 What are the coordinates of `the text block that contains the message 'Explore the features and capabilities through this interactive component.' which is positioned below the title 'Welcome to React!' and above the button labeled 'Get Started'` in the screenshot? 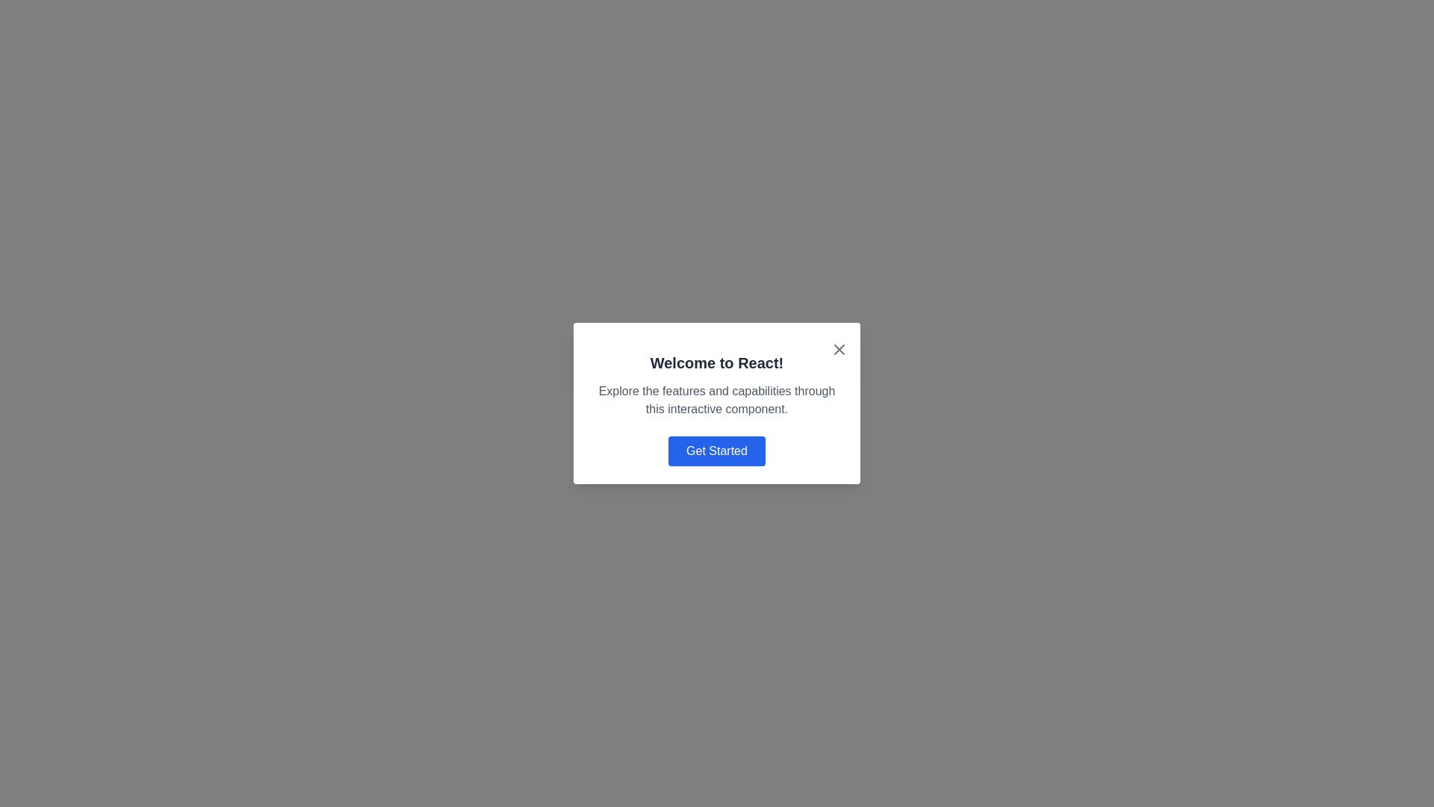 It's located at (717, 400).